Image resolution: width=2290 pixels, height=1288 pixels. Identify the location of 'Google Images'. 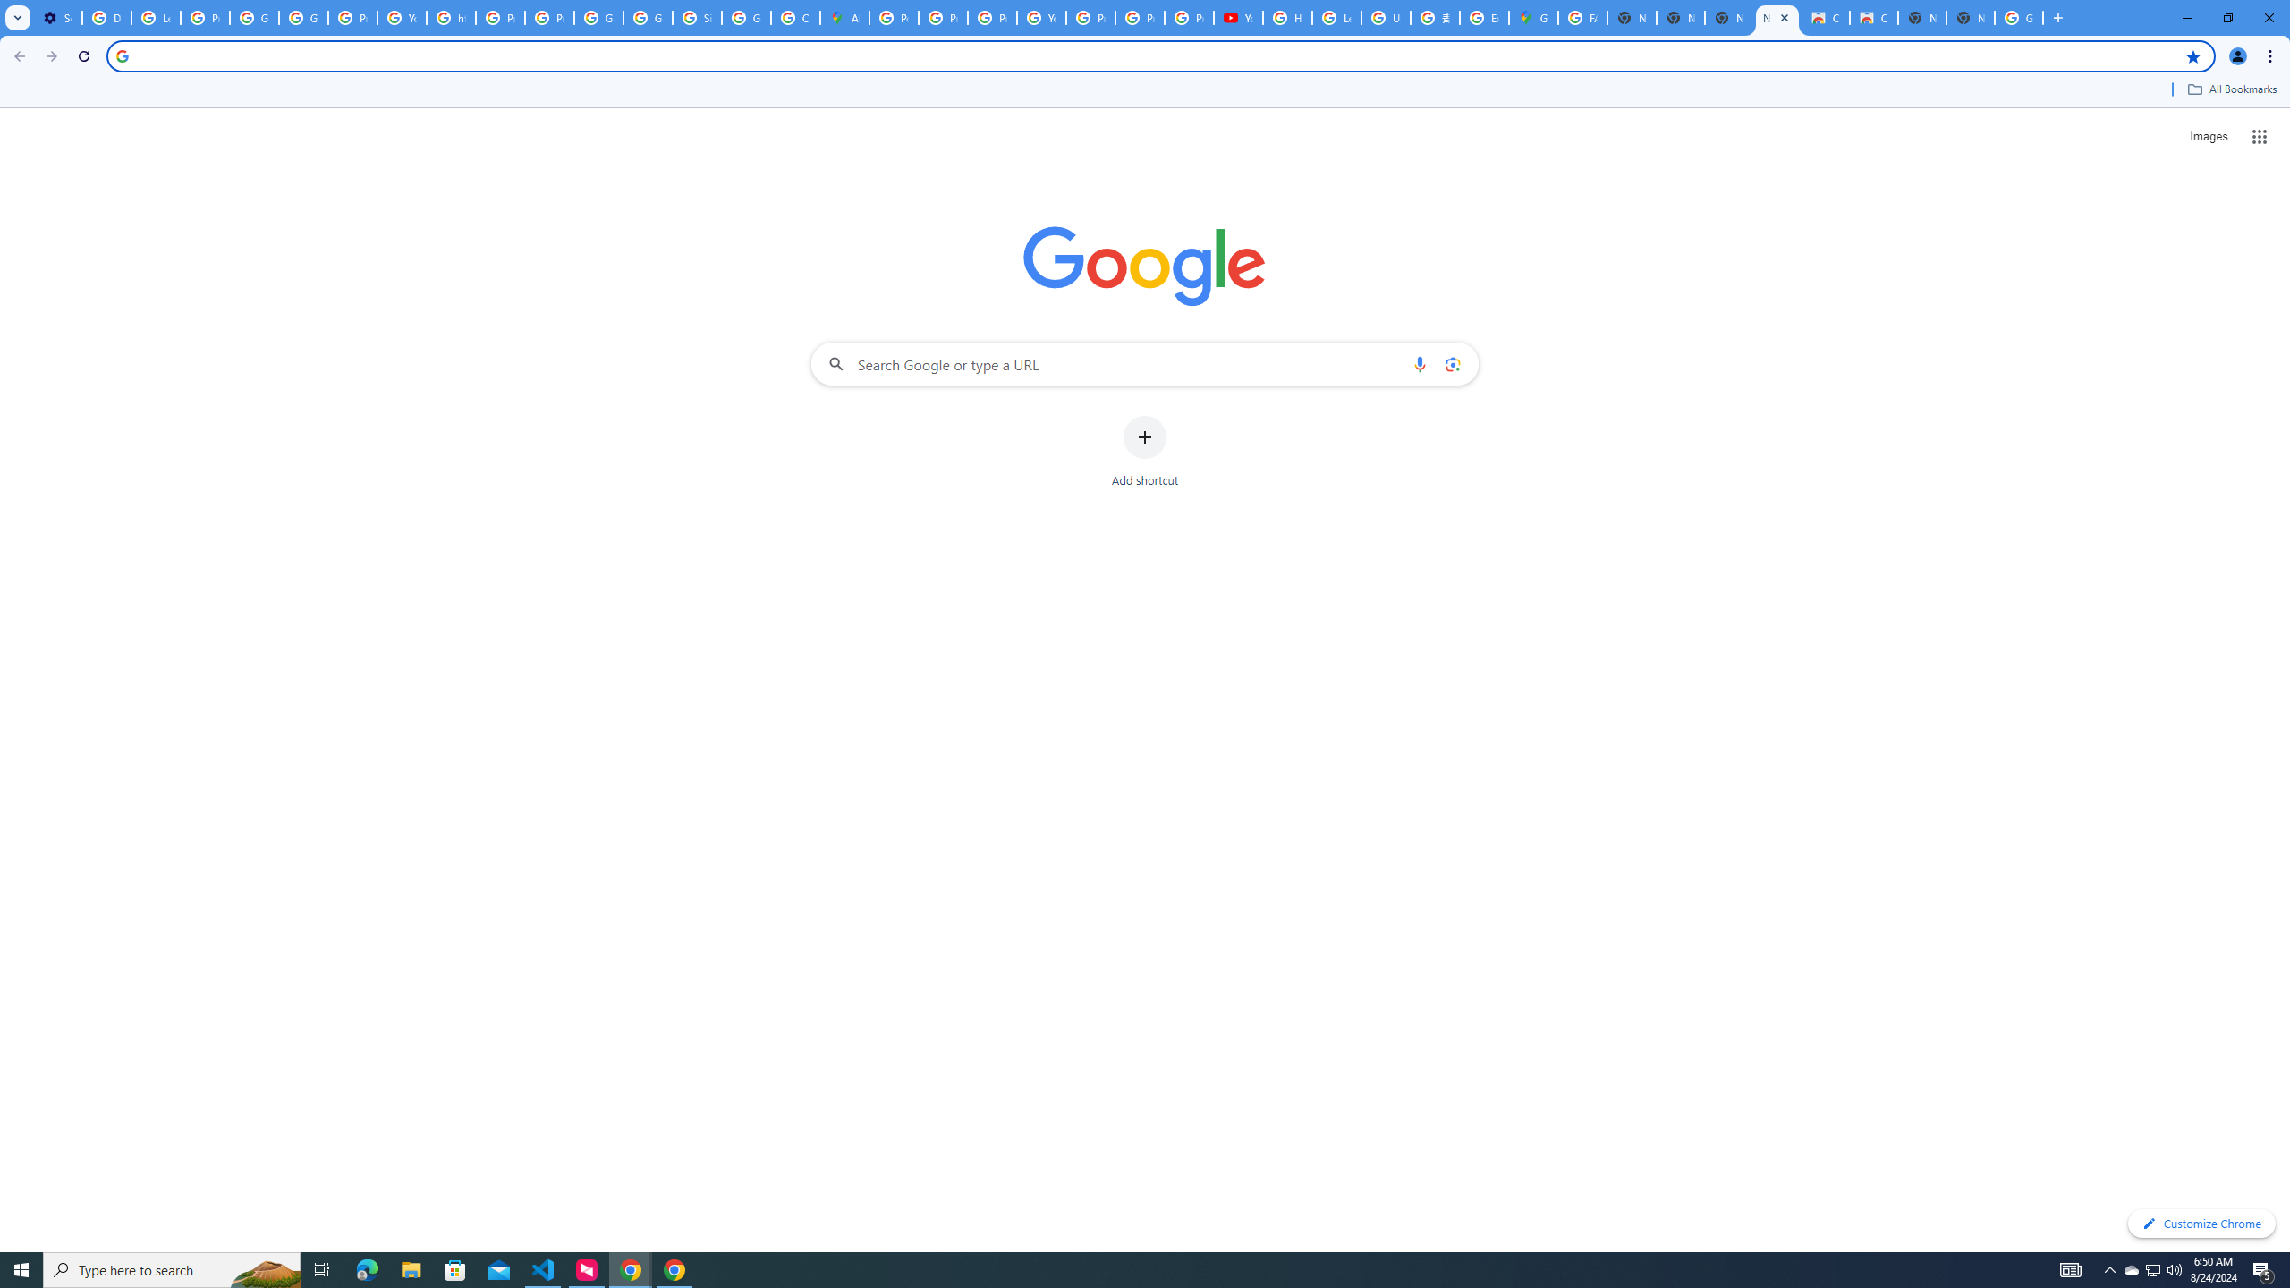
(2019, 17).